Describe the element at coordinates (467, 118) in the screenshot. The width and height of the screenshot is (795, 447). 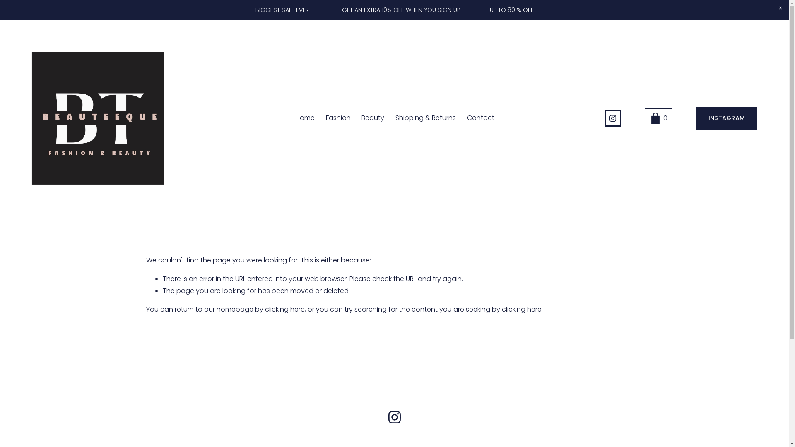
I see `'Contact'` at that location.